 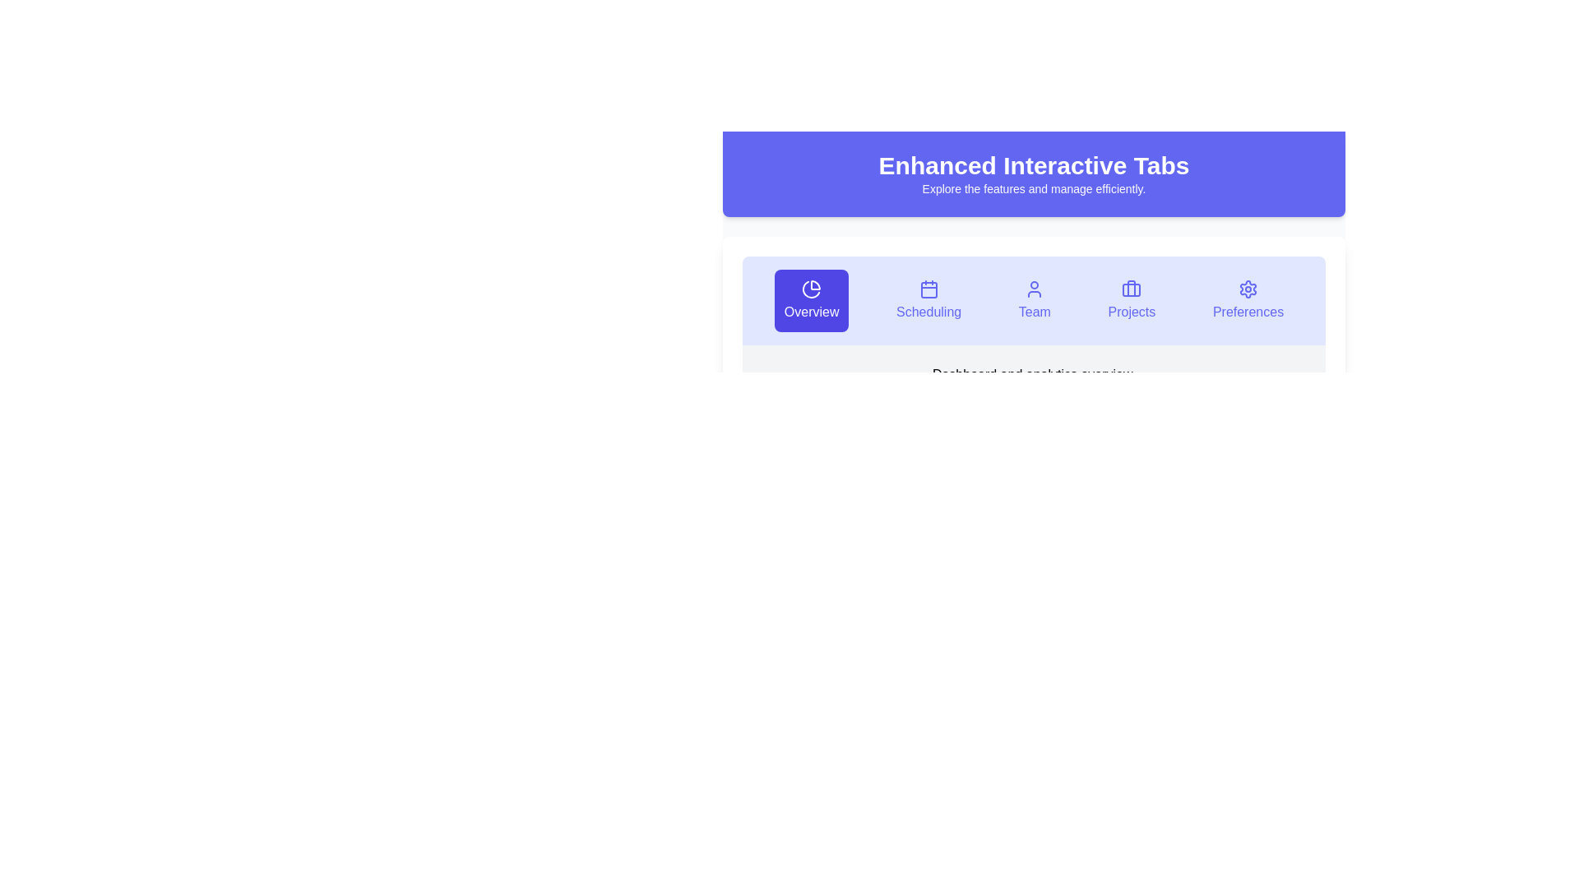 I want to click on the 'Overview' button, which is a blue rectangular button with white text and a pie chart icon, located in the top-center navigation bar, so click(x=812, y=301).